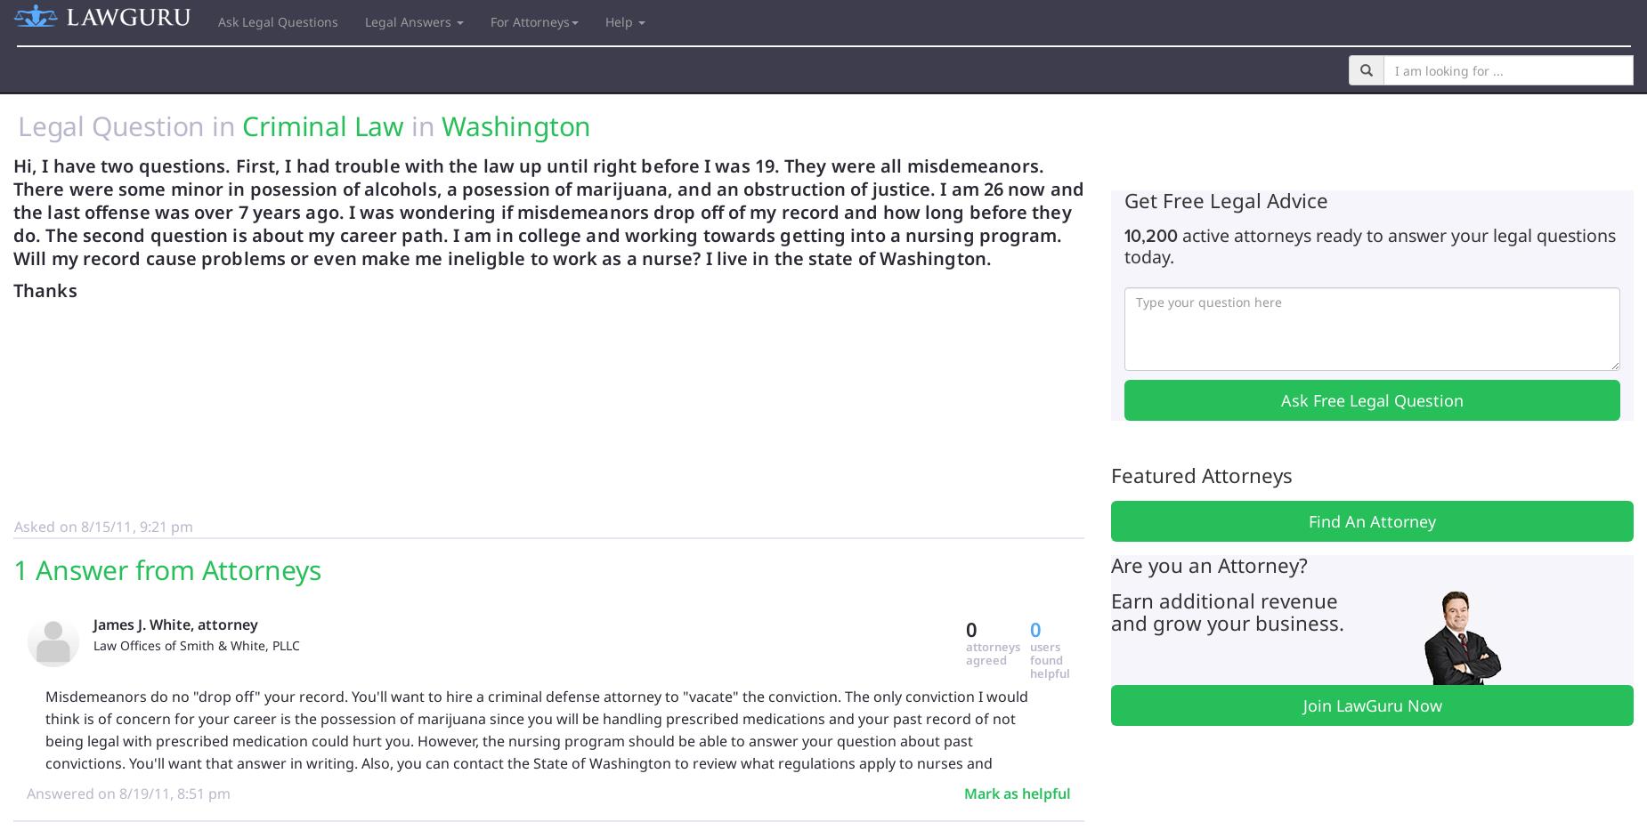 The width and height of the screenshot is (1647, 830). I want to click on 'attorneys agreed', so click(965, 652).